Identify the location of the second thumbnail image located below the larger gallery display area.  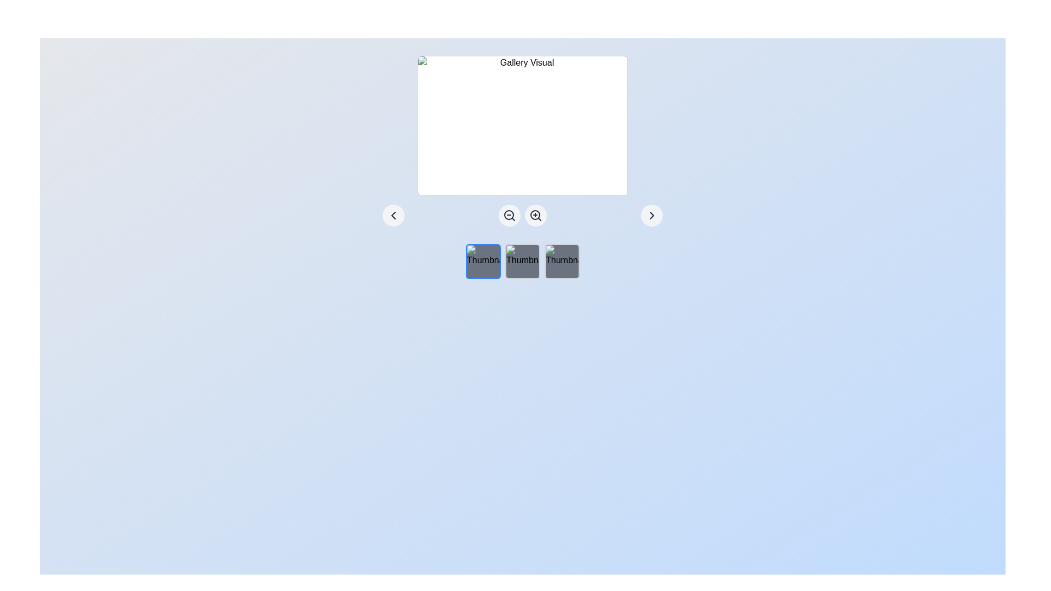
(522, 262).